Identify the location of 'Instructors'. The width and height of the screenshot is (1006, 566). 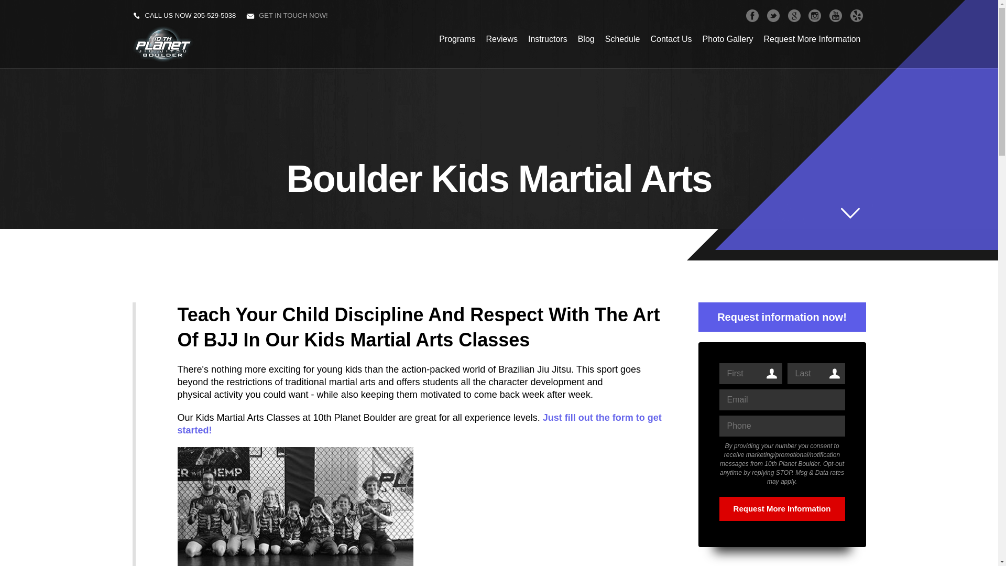
(525, 38).